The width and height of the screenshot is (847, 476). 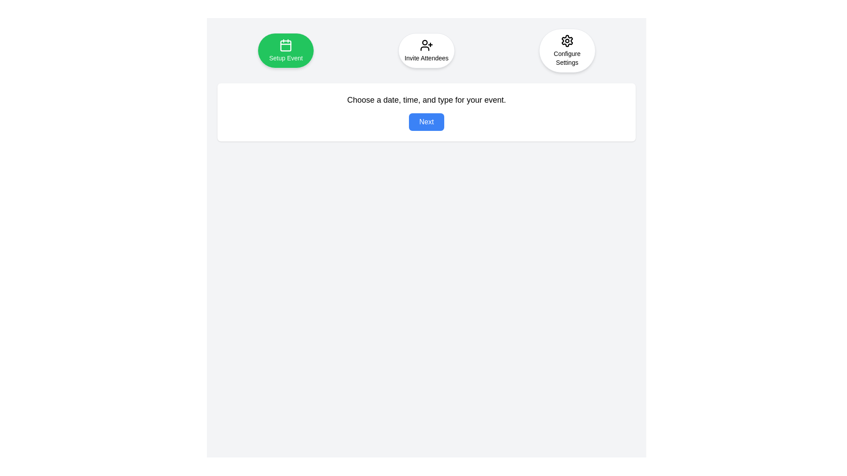 I want to click on 'Next' button to proceed to the next step, so click(x=426, y=122).